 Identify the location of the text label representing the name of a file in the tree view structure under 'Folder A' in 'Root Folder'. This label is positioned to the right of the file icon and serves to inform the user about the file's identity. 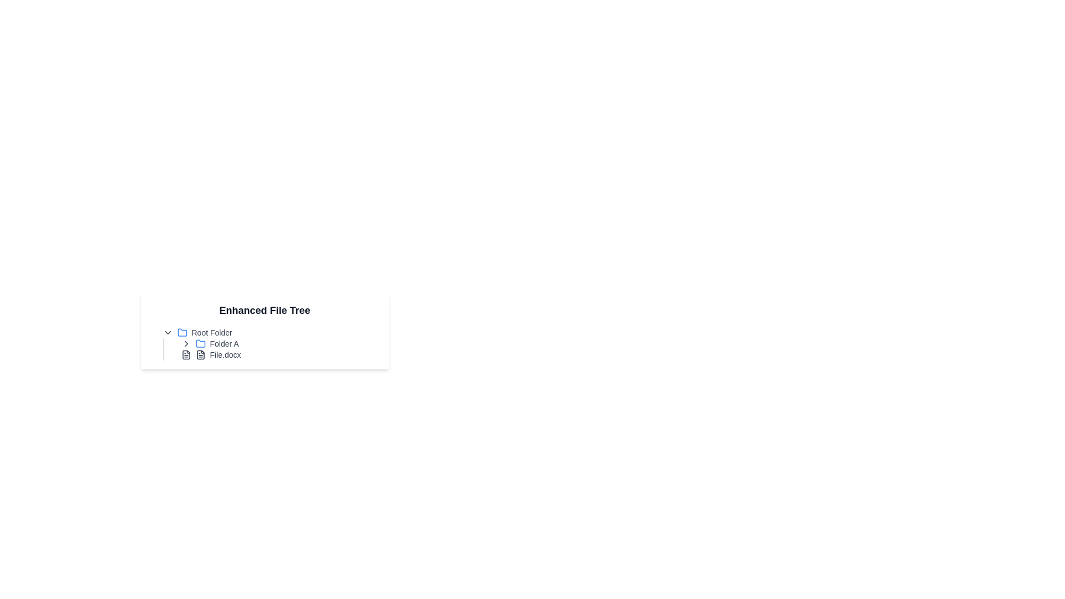
(225, 355).